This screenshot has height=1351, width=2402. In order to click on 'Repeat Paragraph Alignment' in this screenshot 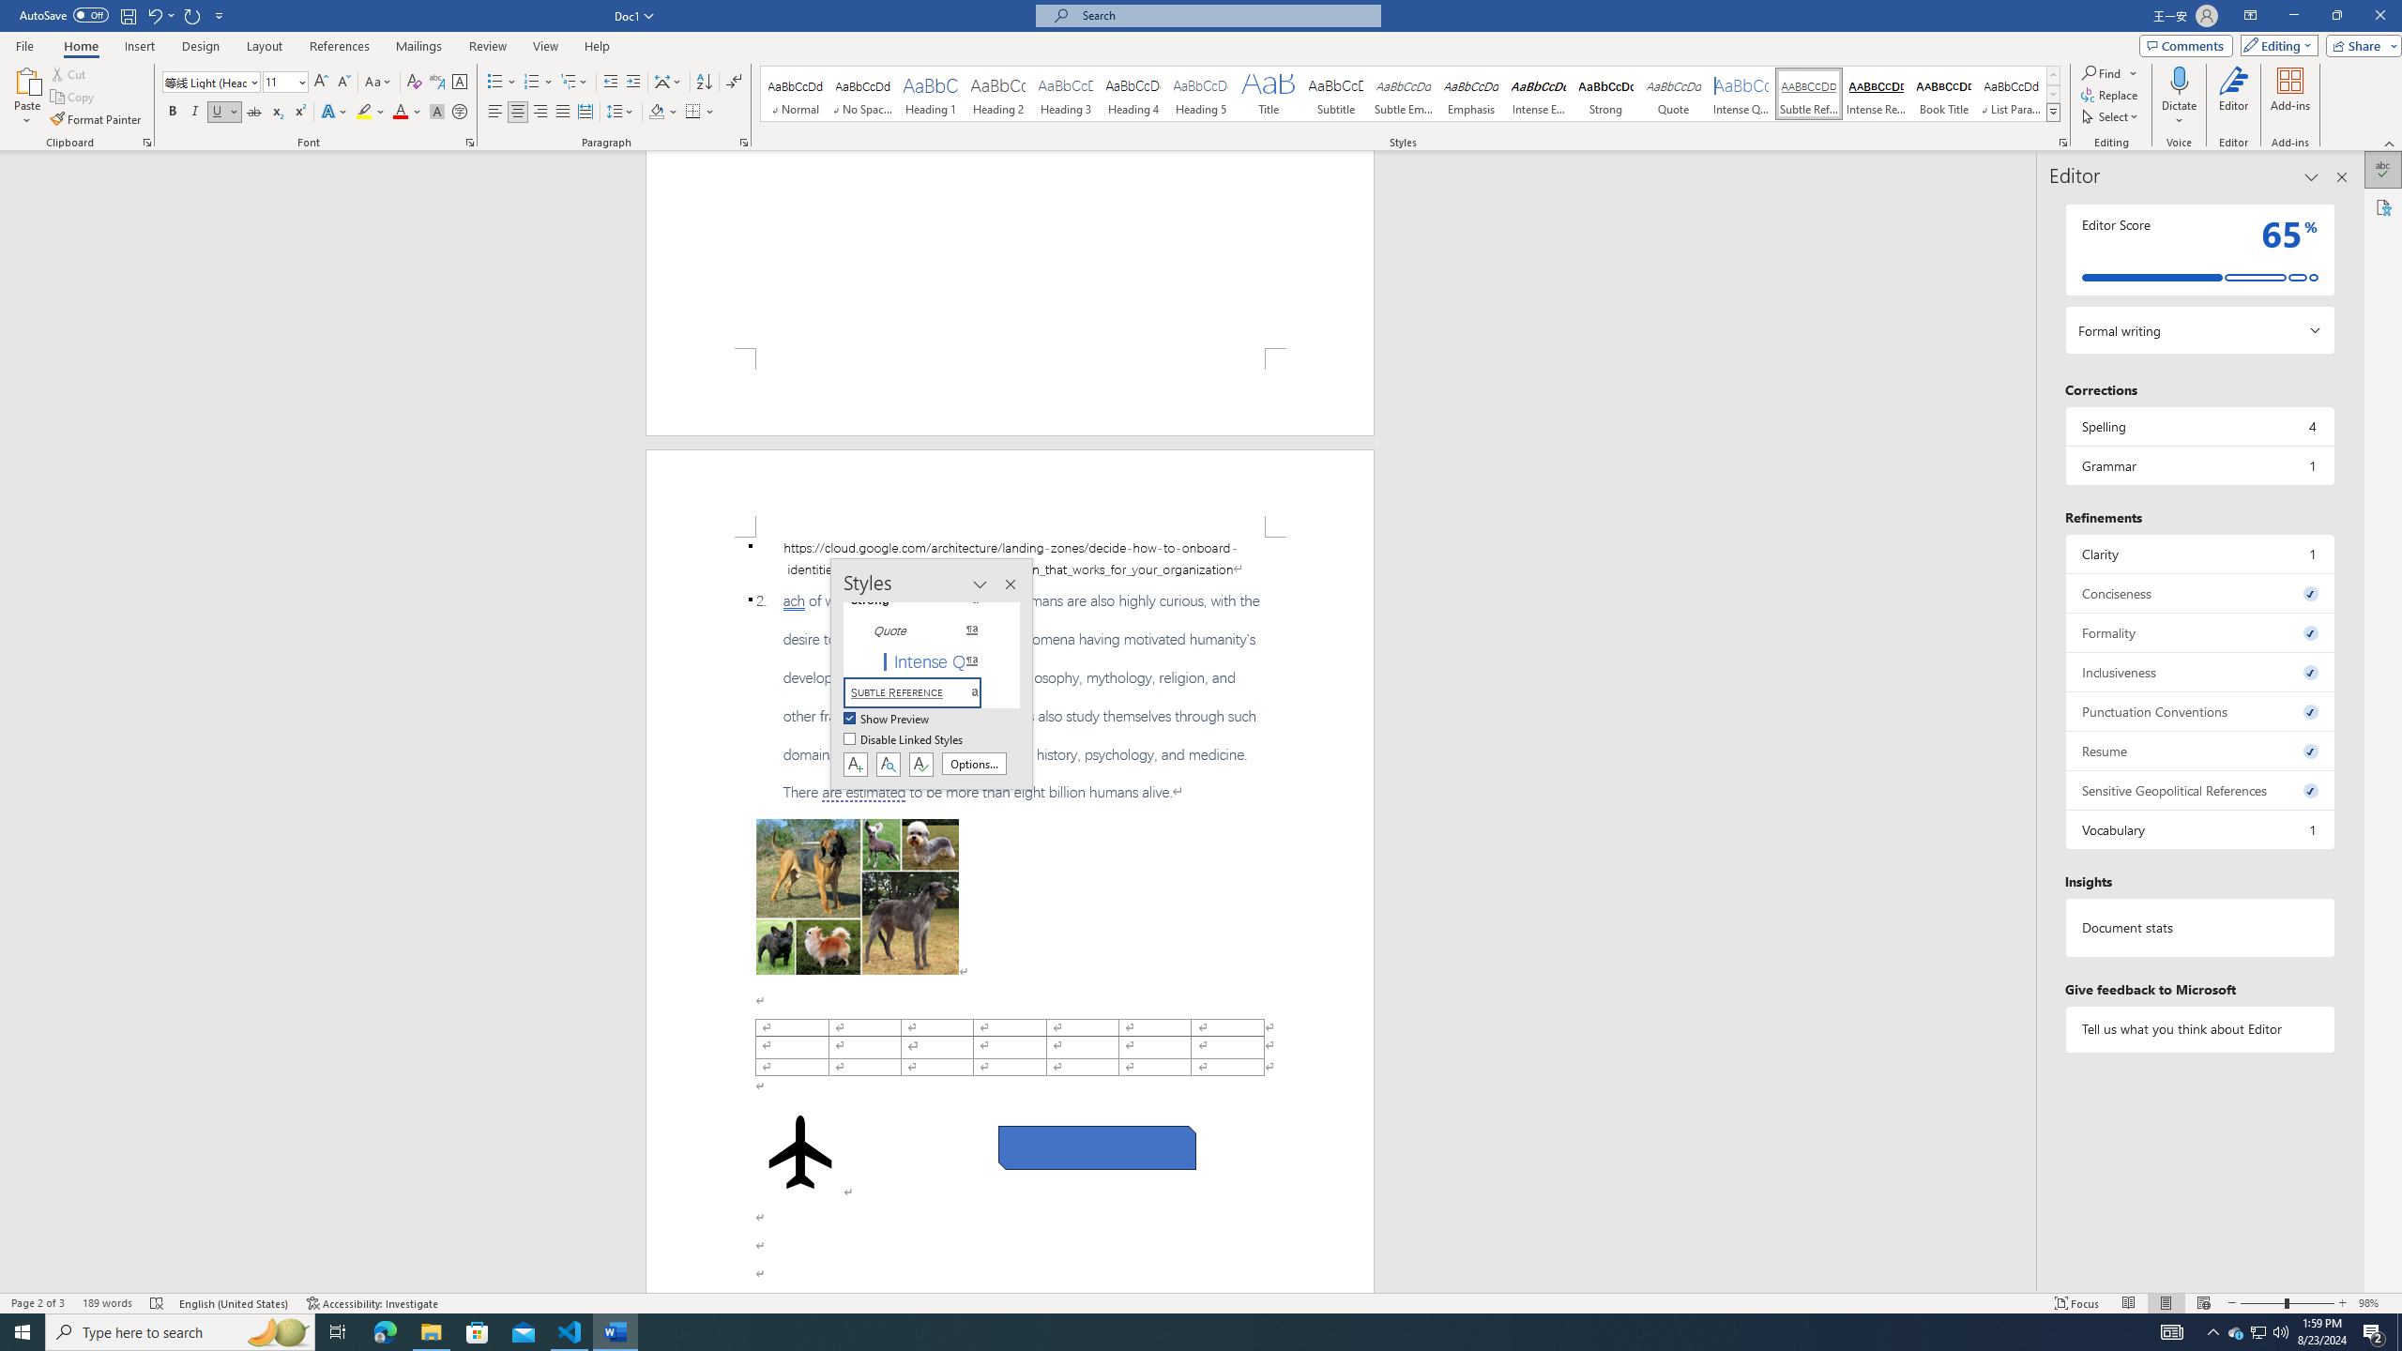, I will do `click(192, 14)`.